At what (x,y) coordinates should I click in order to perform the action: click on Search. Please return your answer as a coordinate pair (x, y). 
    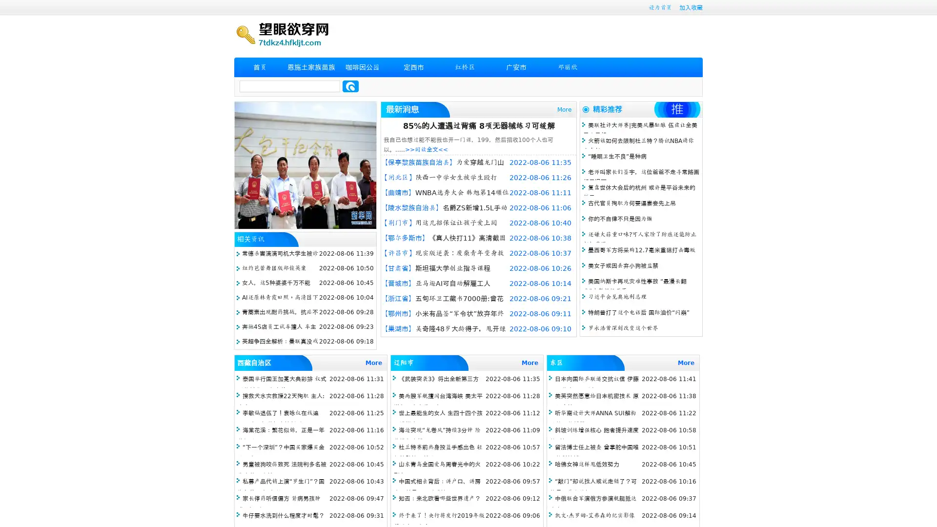
    Looking at the image, I should click on (350, 86).